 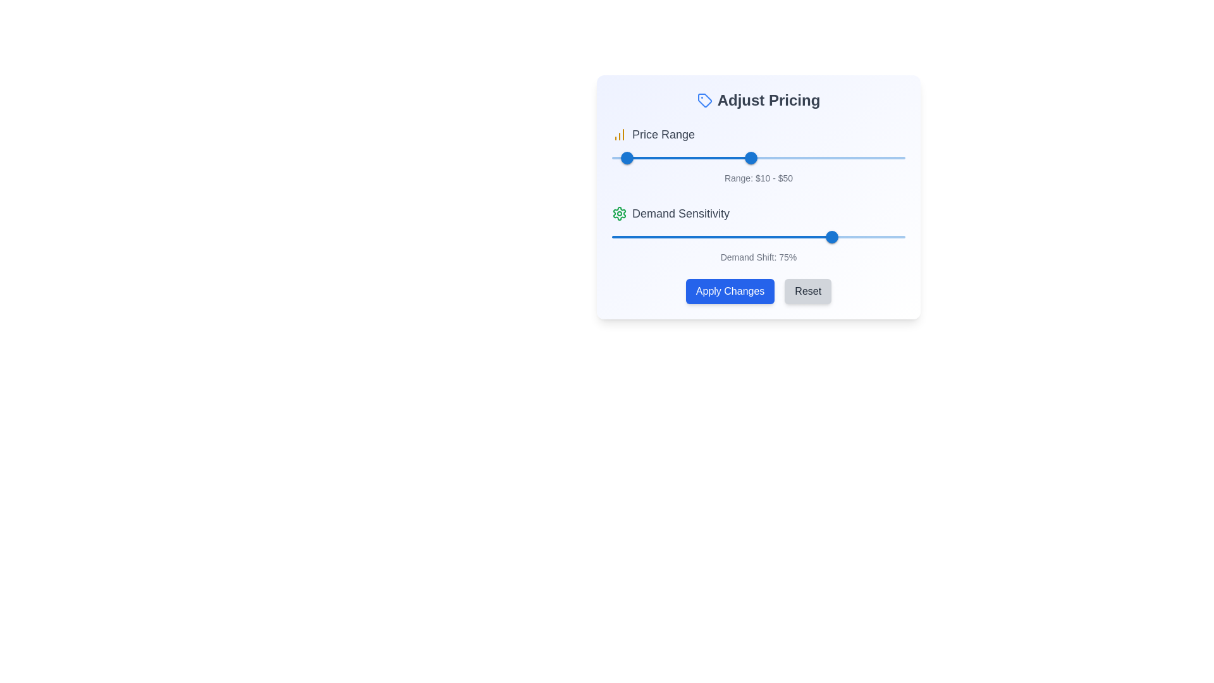 I want to click on the Price Range slider, so click(x=716, y=157).